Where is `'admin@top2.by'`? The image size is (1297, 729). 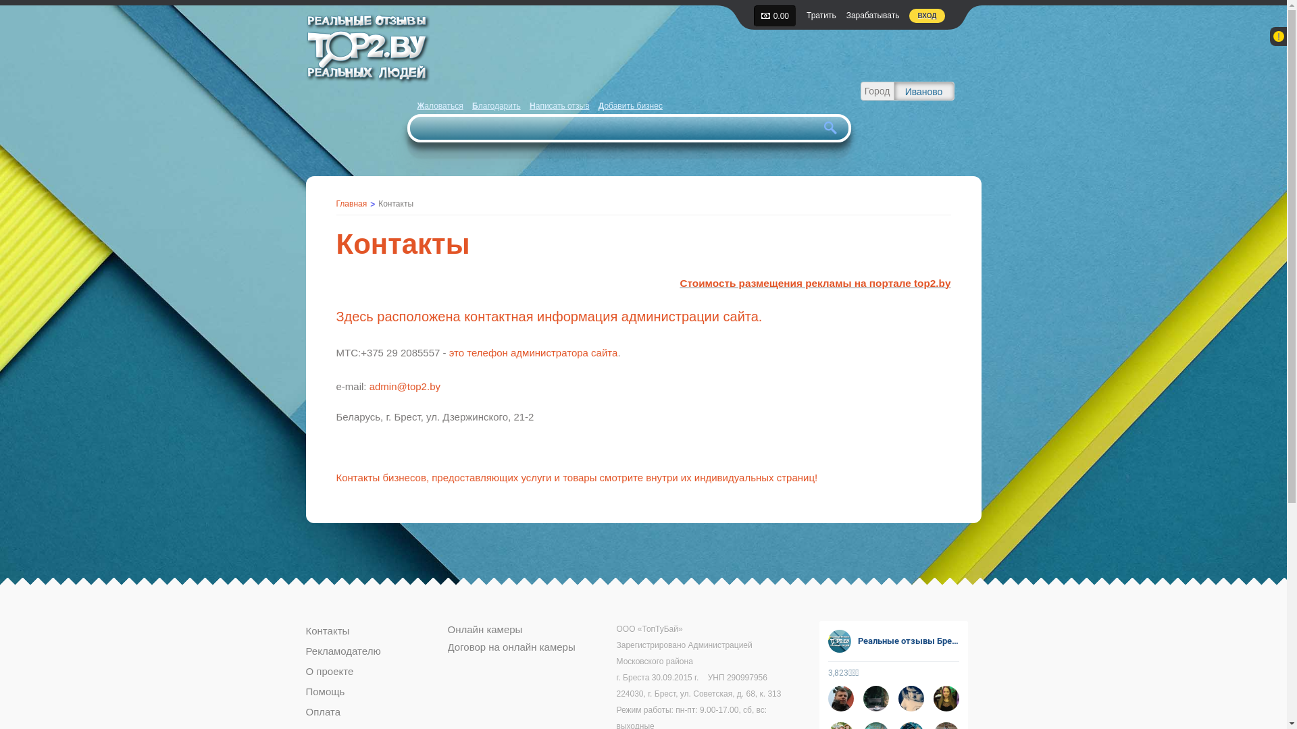
'admin@top2.by' is located at coordinates (370, 386).